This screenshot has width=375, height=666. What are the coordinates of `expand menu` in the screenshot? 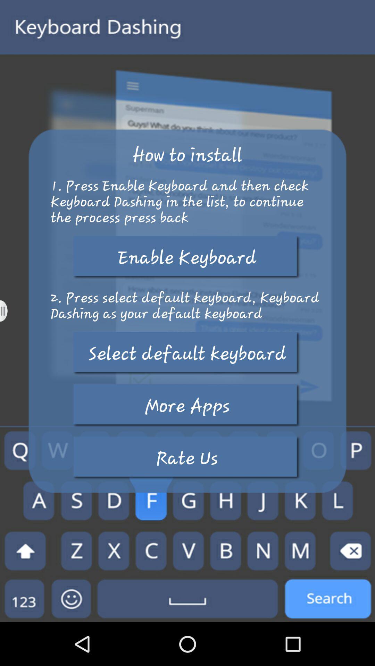 It's located at (8, 310).